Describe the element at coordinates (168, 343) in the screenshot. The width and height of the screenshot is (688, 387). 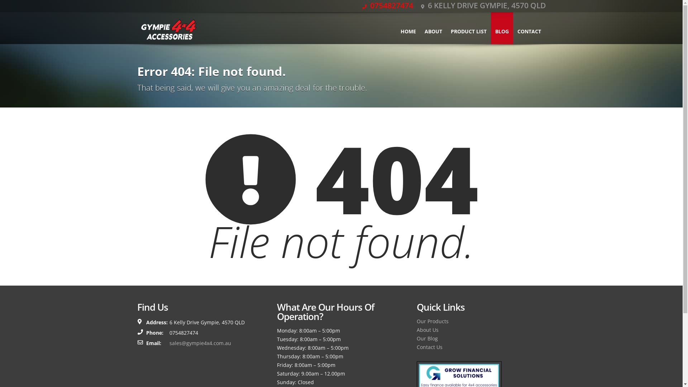
I see `'sales@gympie4x4.com.au'` at that location.